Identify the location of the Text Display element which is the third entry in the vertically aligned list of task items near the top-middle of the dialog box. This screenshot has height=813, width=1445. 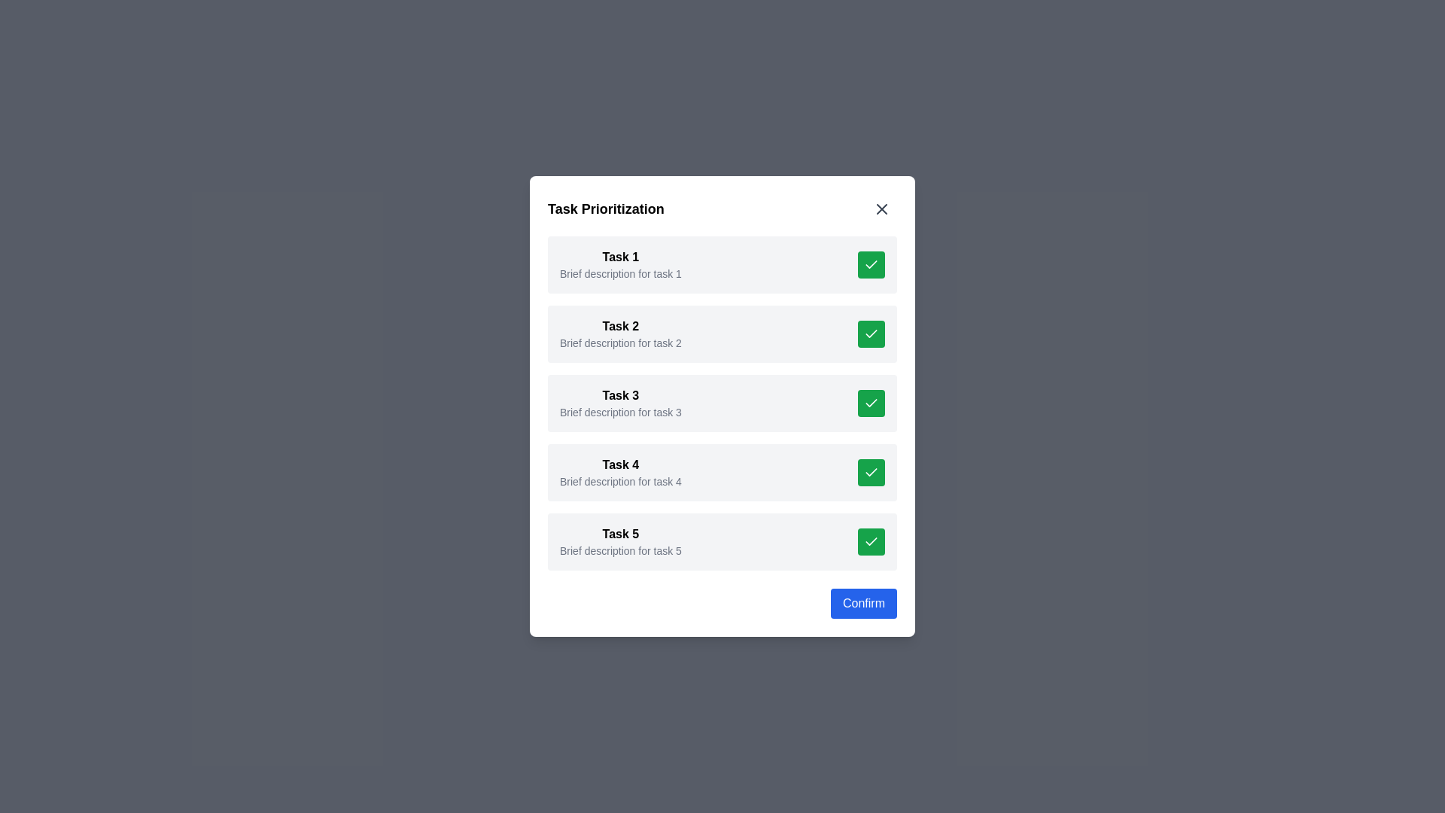
(621, 403).